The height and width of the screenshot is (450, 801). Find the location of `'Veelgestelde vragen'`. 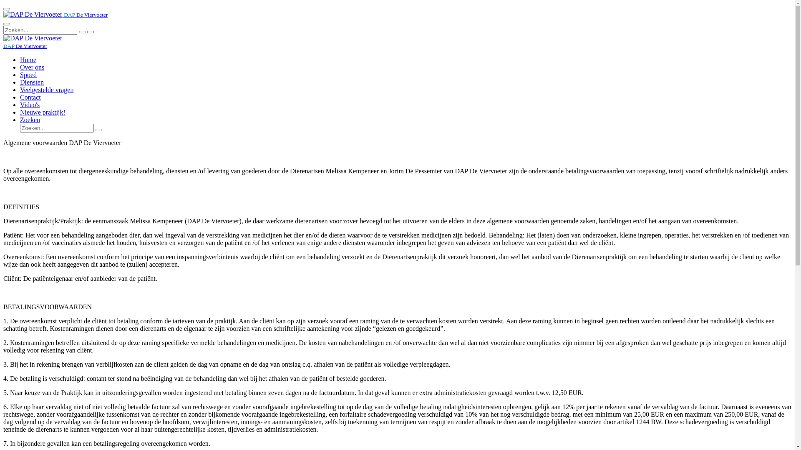

'Veelgestelde vragen' is located at coordinates (46, 90).